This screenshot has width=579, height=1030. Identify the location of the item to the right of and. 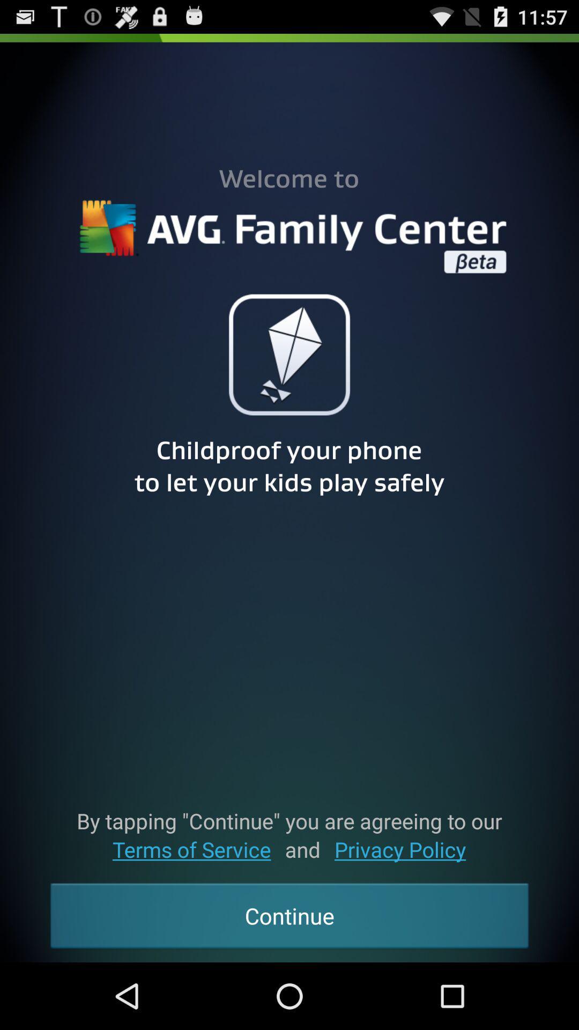
(400, 849).